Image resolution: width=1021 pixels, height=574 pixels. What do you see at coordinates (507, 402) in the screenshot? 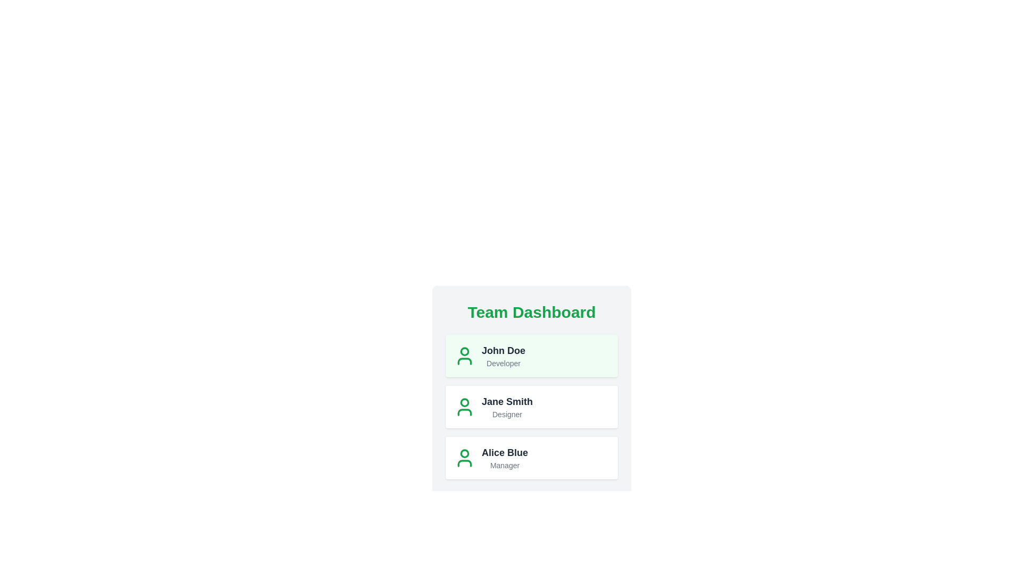
I see `the text label displaying 'Jane Smith' in bold black font, which is centrally positioned in the second card of a vertically-aligned stack of team member cards` at bounding box center [507, 402].